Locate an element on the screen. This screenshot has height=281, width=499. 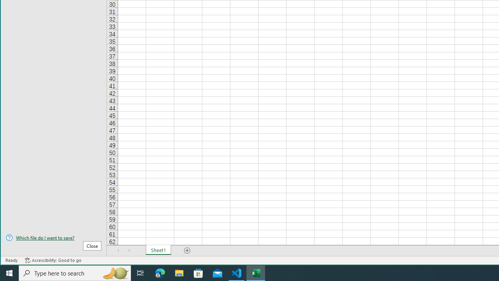
'Accessibility Checker Accessibility: Good to go' is located at coordinates (53, 260).